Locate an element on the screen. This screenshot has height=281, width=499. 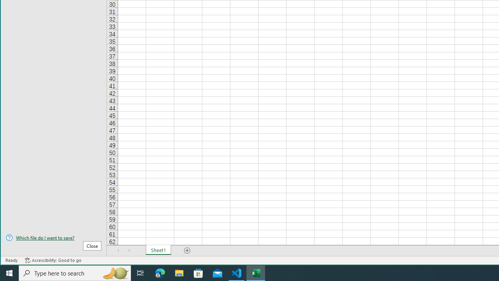
'Accessibility Checker Accessibility: Good to go' is located at coordinates (53, 260).